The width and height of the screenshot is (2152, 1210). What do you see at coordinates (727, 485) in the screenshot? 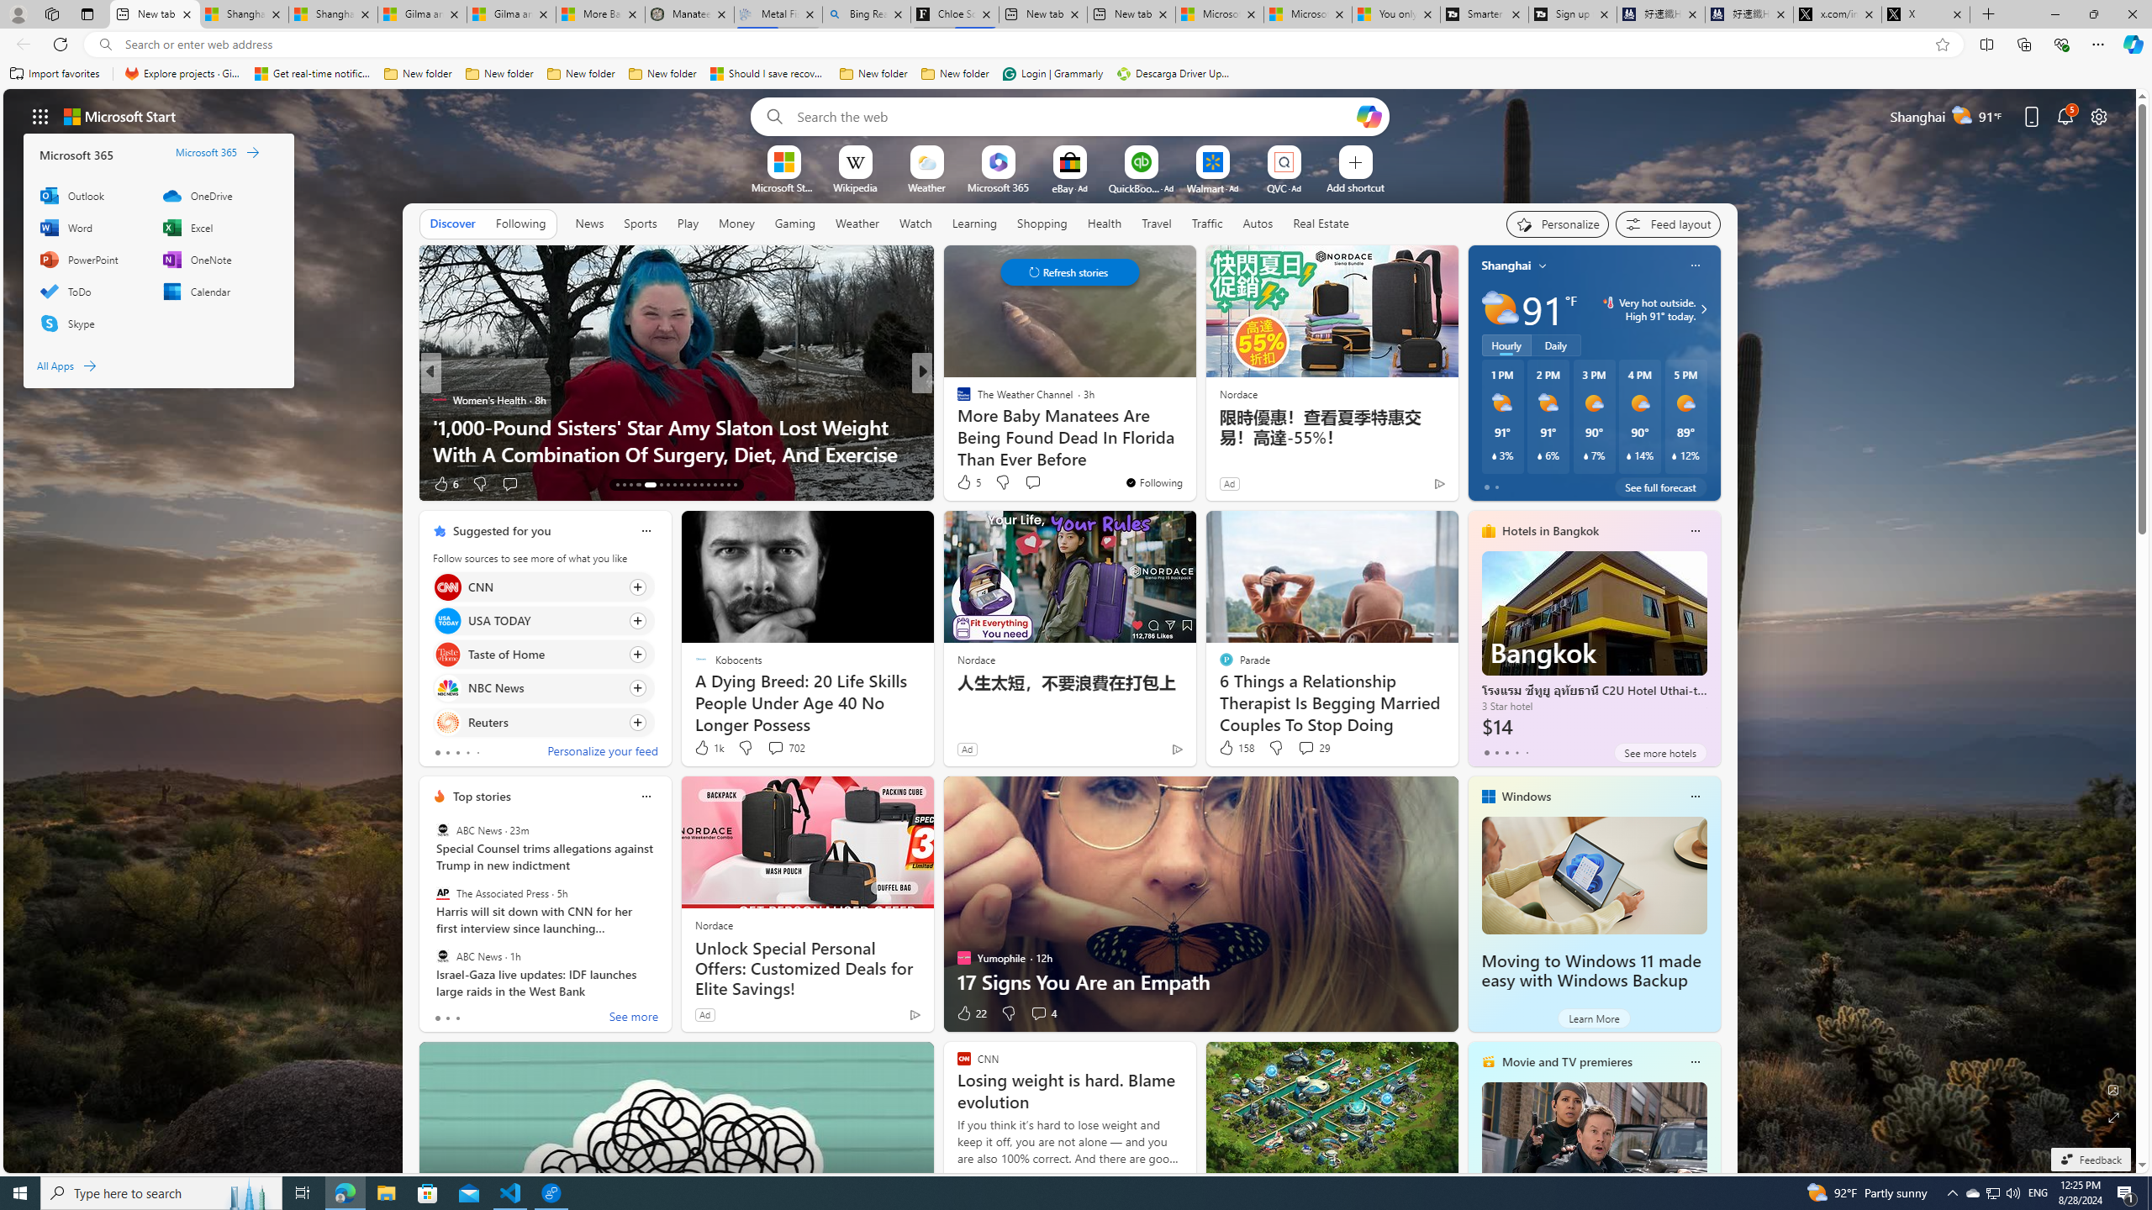
I see `'AutomationID: tab-41'` at bounding box center [727, 485].